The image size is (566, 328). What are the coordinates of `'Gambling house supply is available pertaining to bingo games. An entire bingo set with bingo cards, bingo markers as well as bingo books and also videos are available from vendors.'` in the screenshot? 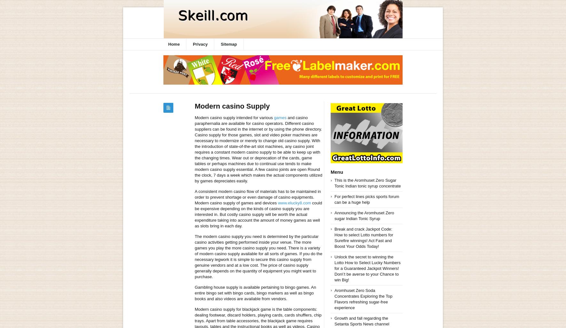 It's located at (255, 293).